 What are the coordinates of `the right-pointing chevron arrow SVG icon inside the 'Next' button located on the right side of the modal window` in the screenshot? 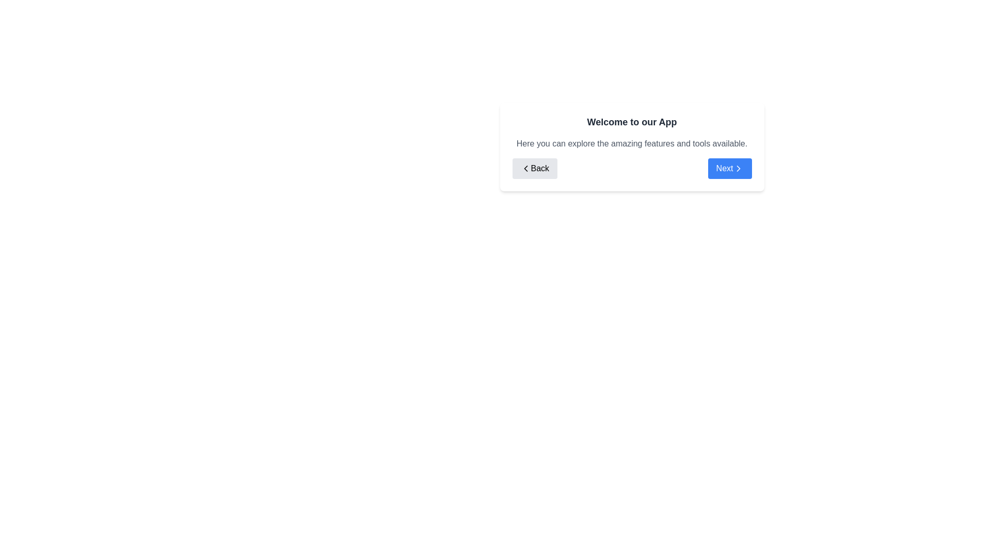 It's located at (738, 168).